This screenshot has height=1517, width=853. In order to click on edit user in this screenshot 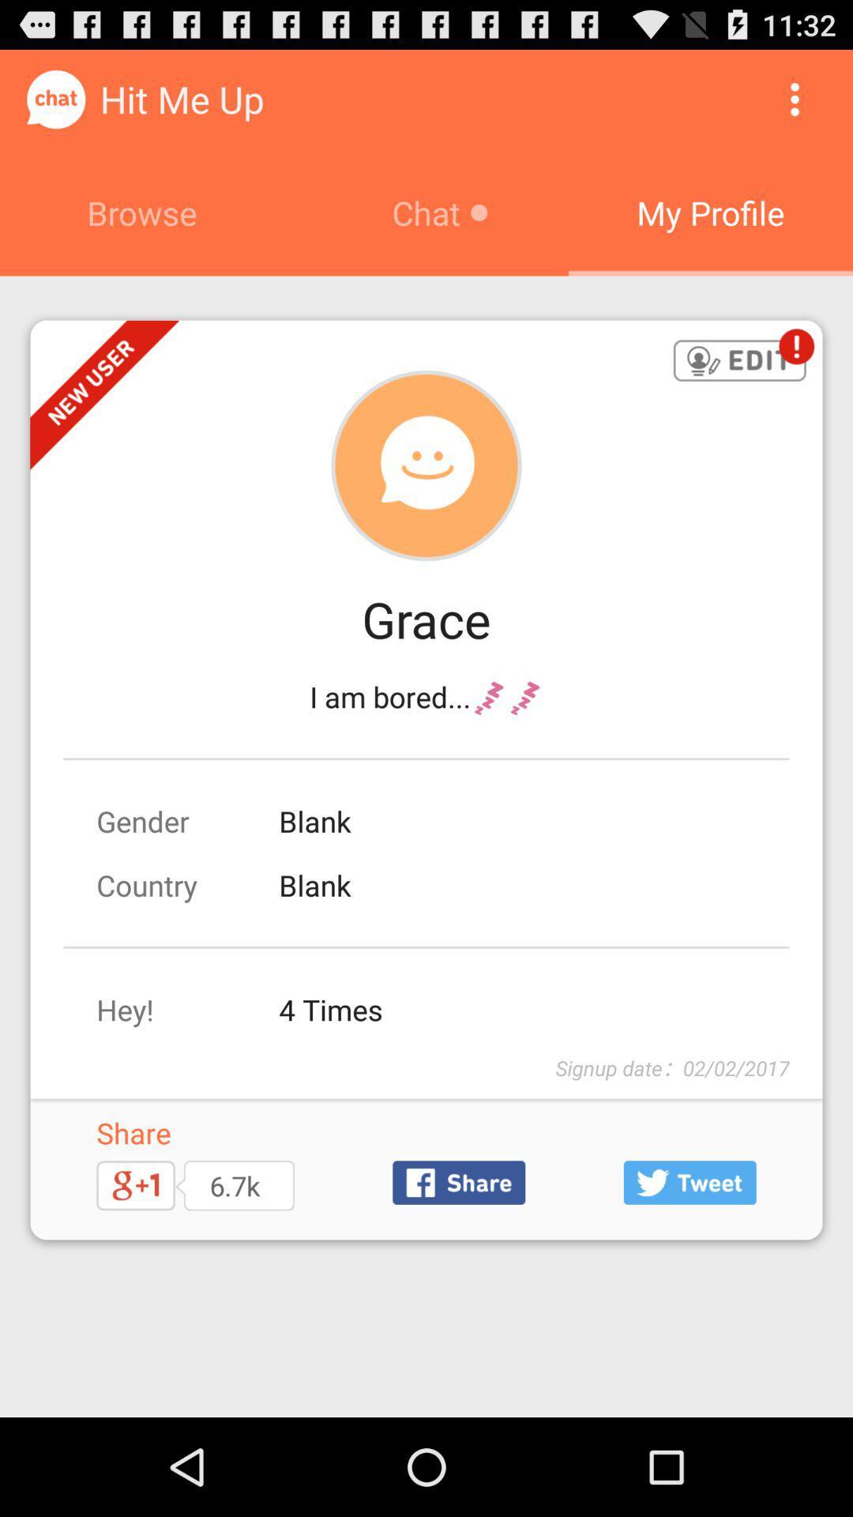, I will do `click(739, 361)`.